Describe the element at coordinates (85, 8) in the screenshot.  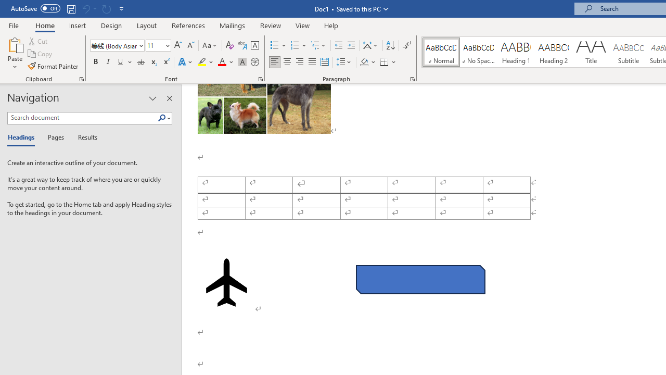
I see `'Can'` at that location.